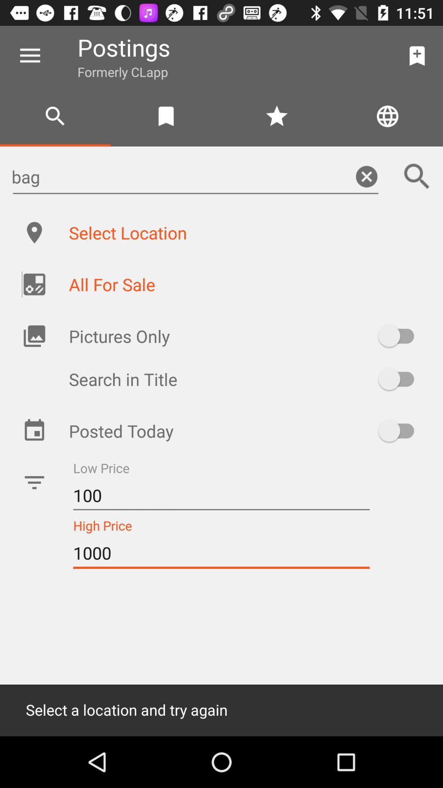 The width and height of the screenshot is (443, 788). Describe the element at coordinates (400, 430) in the screenshot. I see `enable posted today` at that location.